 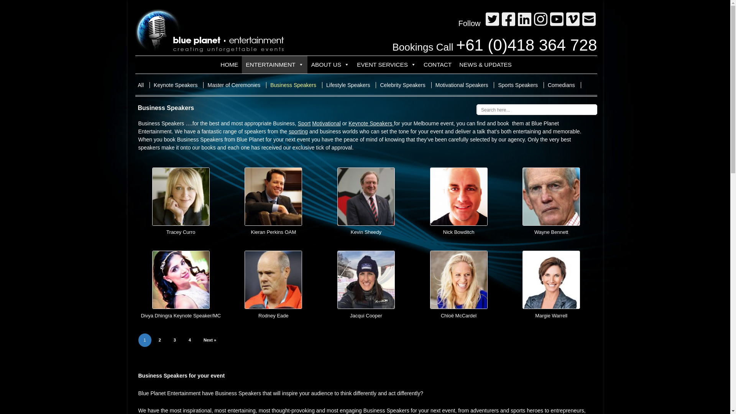 What do you see at coordinates (351, 85) in the screenshot?
I see `'Lifestyle Speakers'` at bounding box center [351, 85].